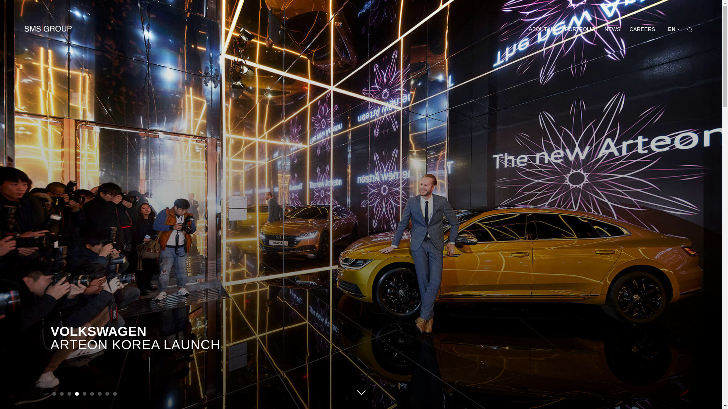  I want to click on 'SMS GROUP', so click(22, 28).